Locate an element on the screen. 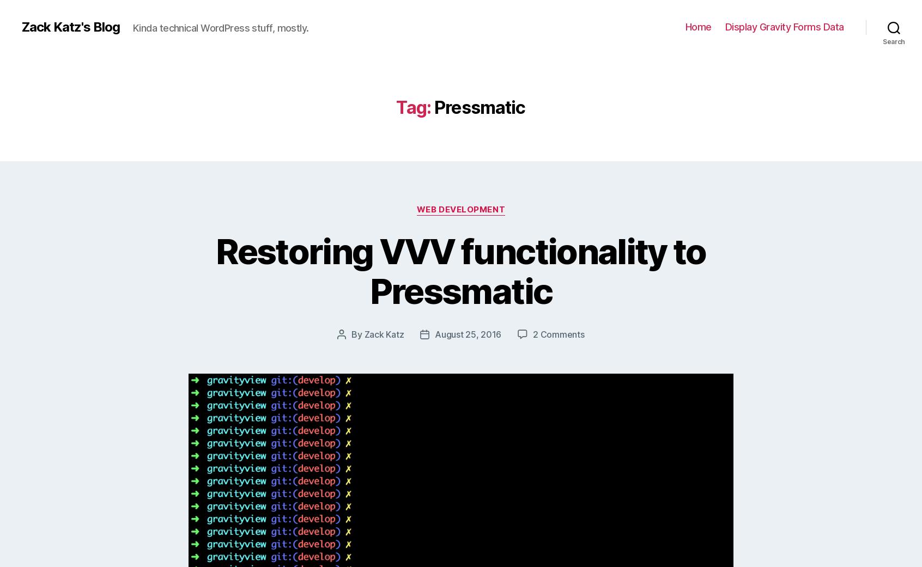  'Top Posts & Pages' is located at coordinates (476, 220).